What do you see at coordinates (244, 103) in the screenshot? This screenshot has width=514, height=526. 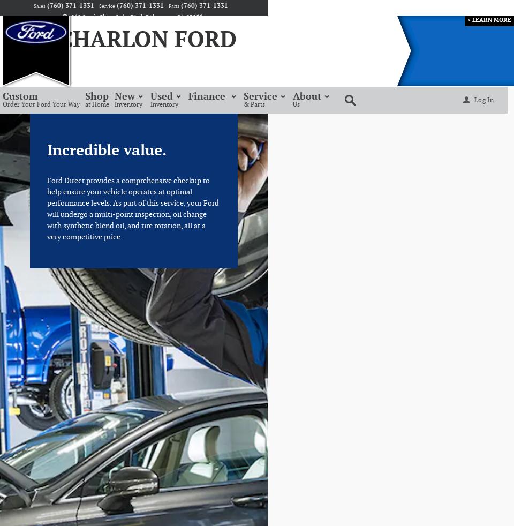 I see `'& Parts'` at bounding box center [244, 103].